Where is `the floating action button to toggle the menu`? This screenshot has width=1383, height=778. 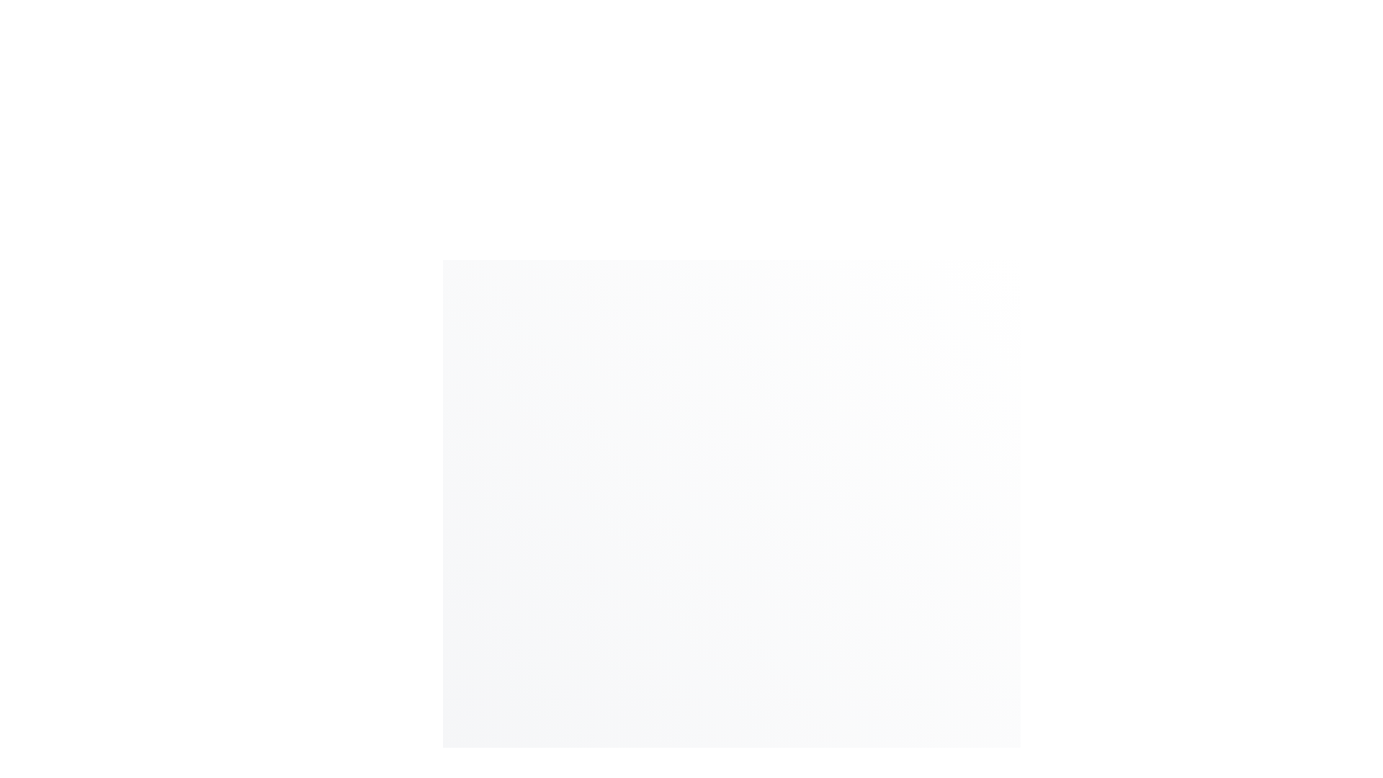
the floating action button to toggle the menu is located at coordinates (910, 775).